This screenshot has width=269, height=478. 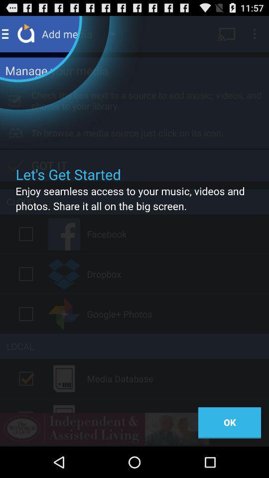 I want to click on selection check box, so click(x=26, y=234).